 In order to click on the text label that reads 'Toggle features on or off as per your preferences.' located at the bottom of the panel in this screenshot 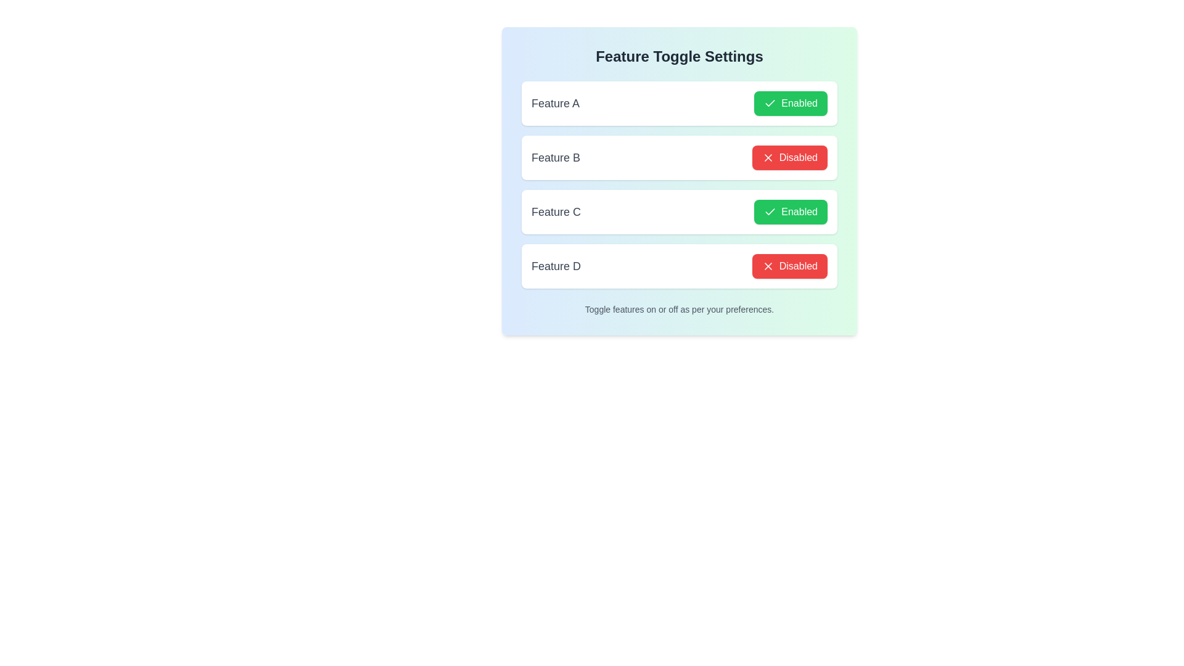, I will do `click(679, 308)`.